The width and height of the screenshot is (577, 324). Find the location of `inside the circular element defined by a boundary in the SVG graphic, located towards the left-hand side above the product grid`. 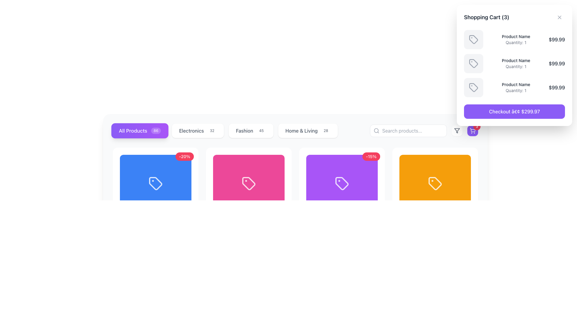

inside the circular element defined by a boundary in the SVG graphic, located towards the left-hand side above the product grid is located at coordinates (376, 130).